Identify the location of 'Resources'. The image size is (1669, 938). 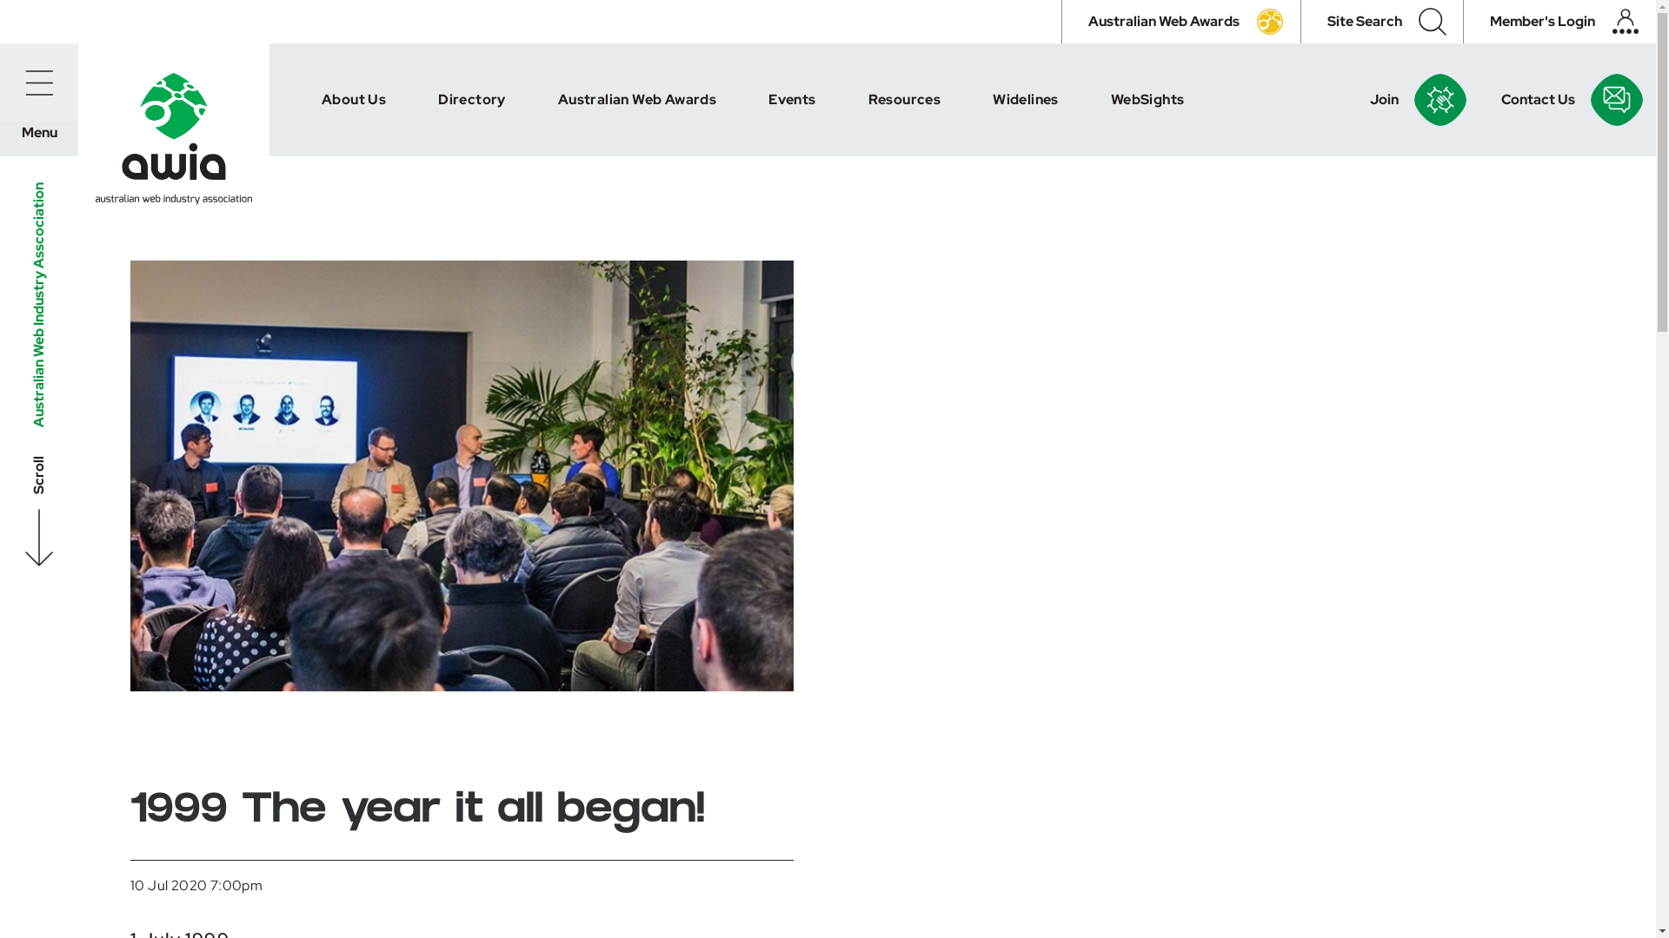
(842, 100).